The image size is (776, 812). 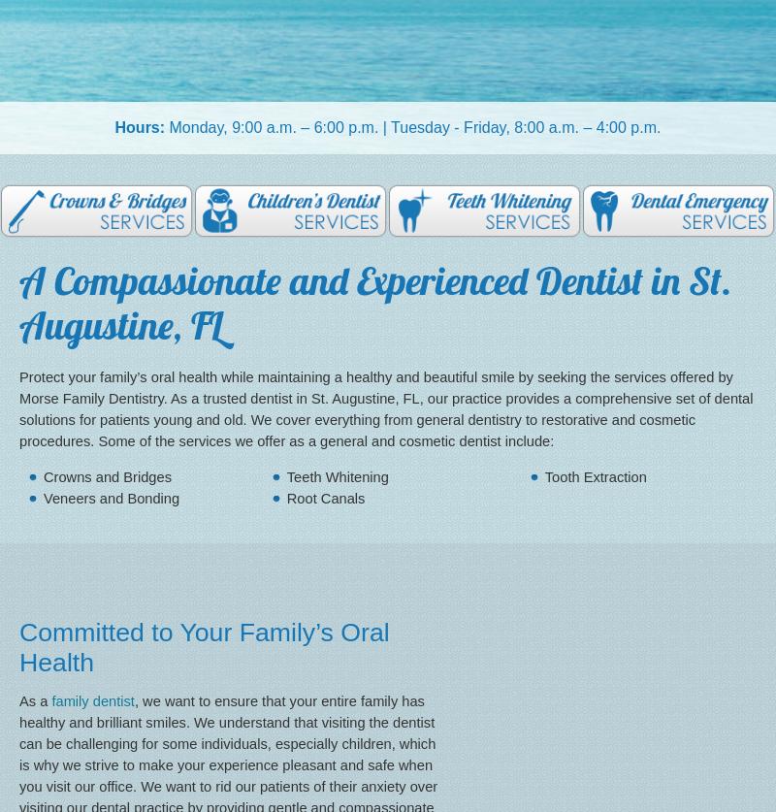 What do you see at coordinates (595, 474) in the screenshot?
I see `'Tooth Extraction'` at bounding box center [595, 474].